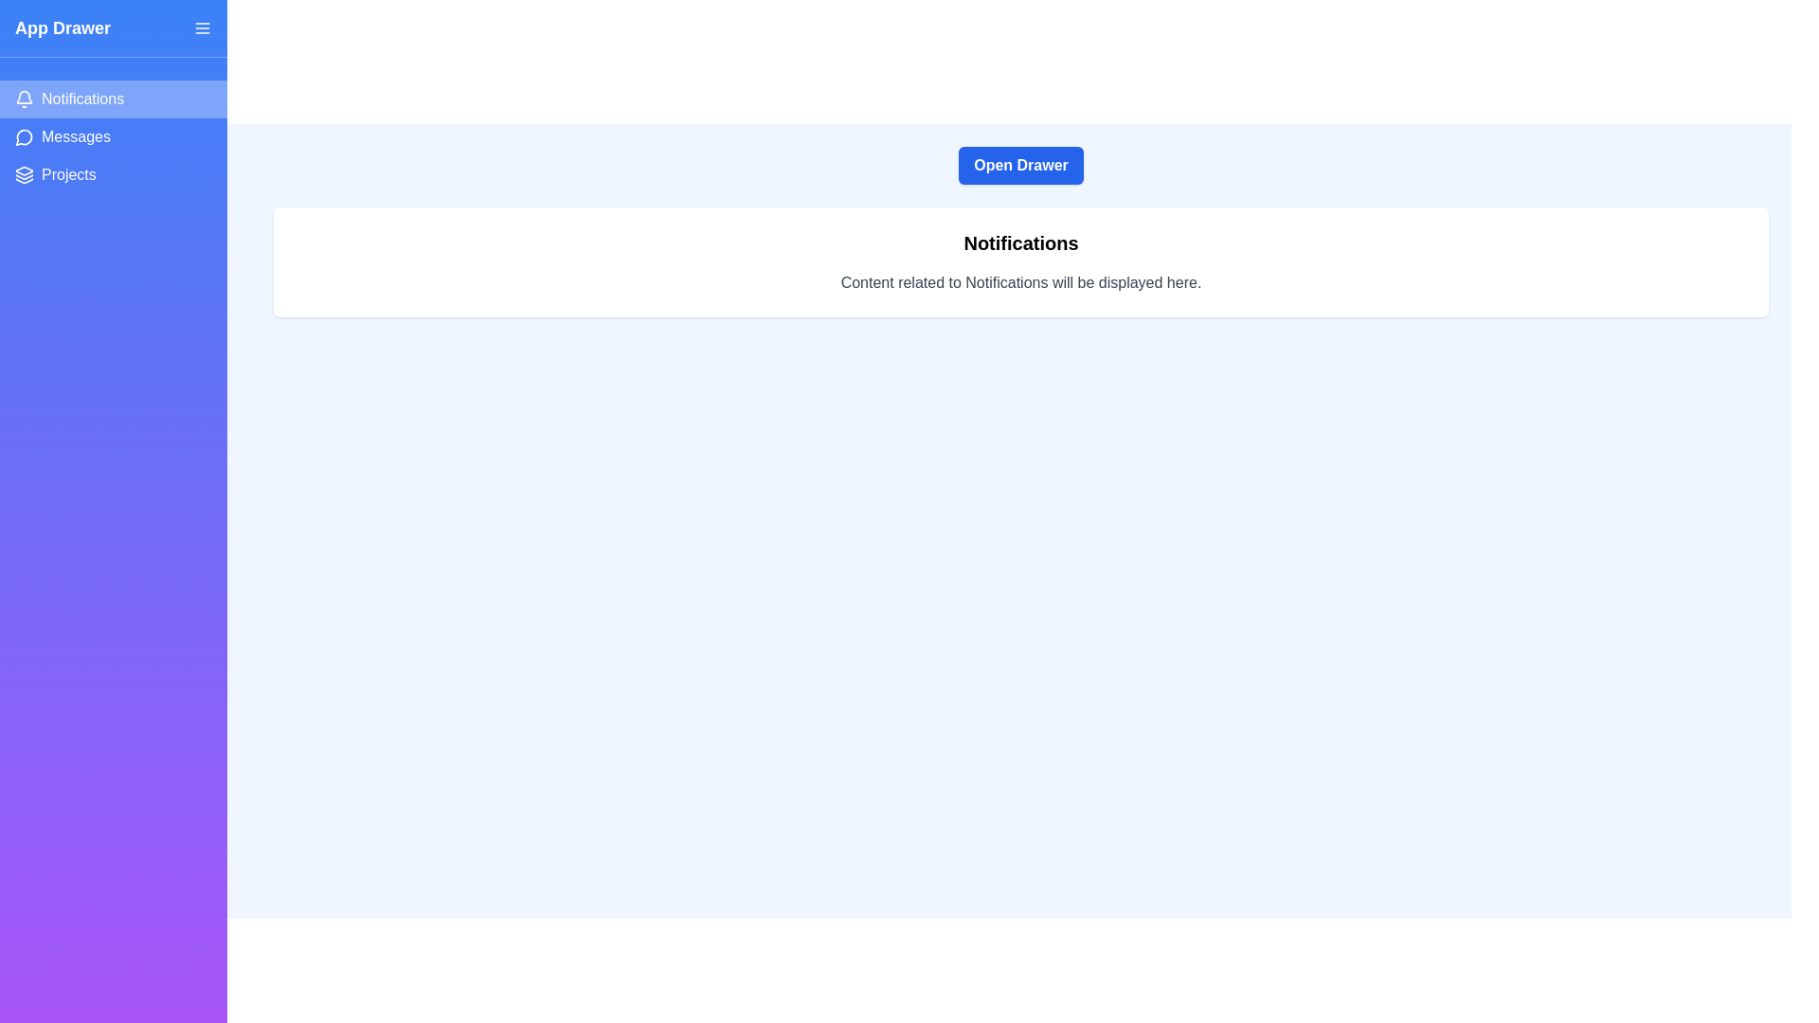 This screenshot has width=1819, height=1023. What do you see at coordinates (113, 136) in the screenshot?
I see `the sidebar option Messages` at bounding box center [113, 136].